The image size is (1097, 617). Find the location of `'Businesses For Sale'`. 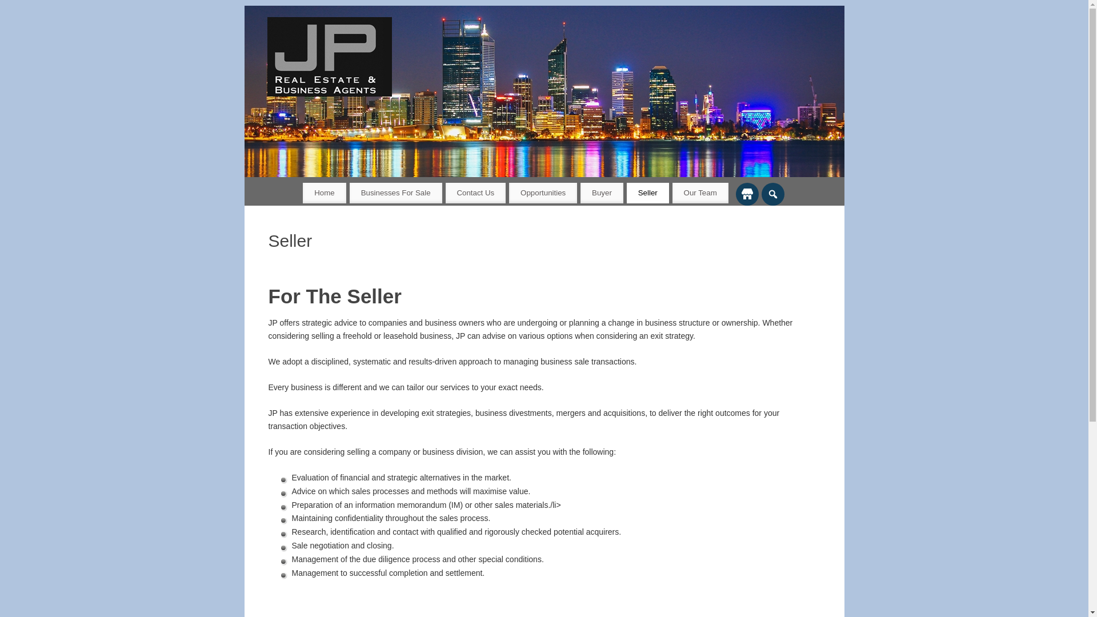

'Businesses For Sale' is located at coordinates (349, 193).